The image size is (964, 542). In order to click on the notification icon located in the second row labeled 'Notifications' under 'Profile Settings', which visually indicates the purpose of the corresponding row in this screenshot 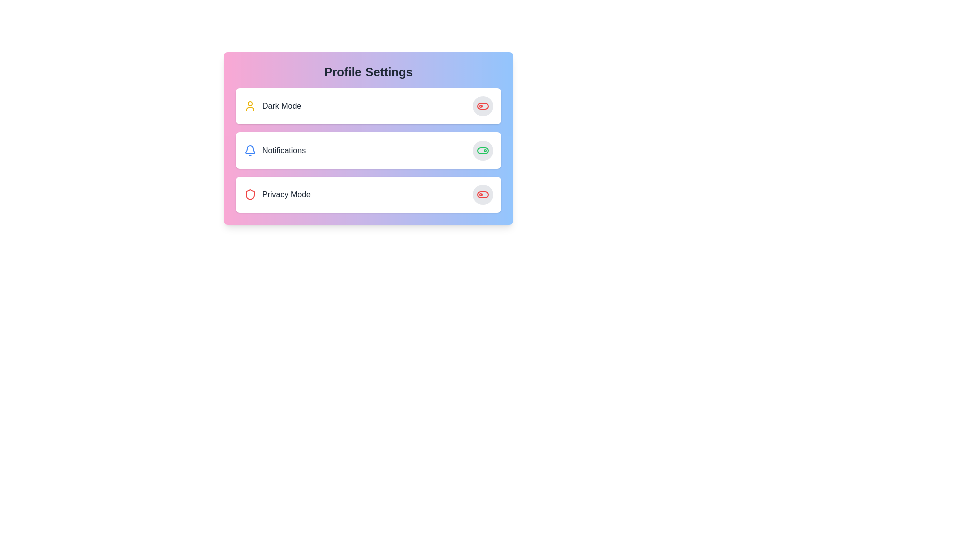, I will do `click(250, 149)`.